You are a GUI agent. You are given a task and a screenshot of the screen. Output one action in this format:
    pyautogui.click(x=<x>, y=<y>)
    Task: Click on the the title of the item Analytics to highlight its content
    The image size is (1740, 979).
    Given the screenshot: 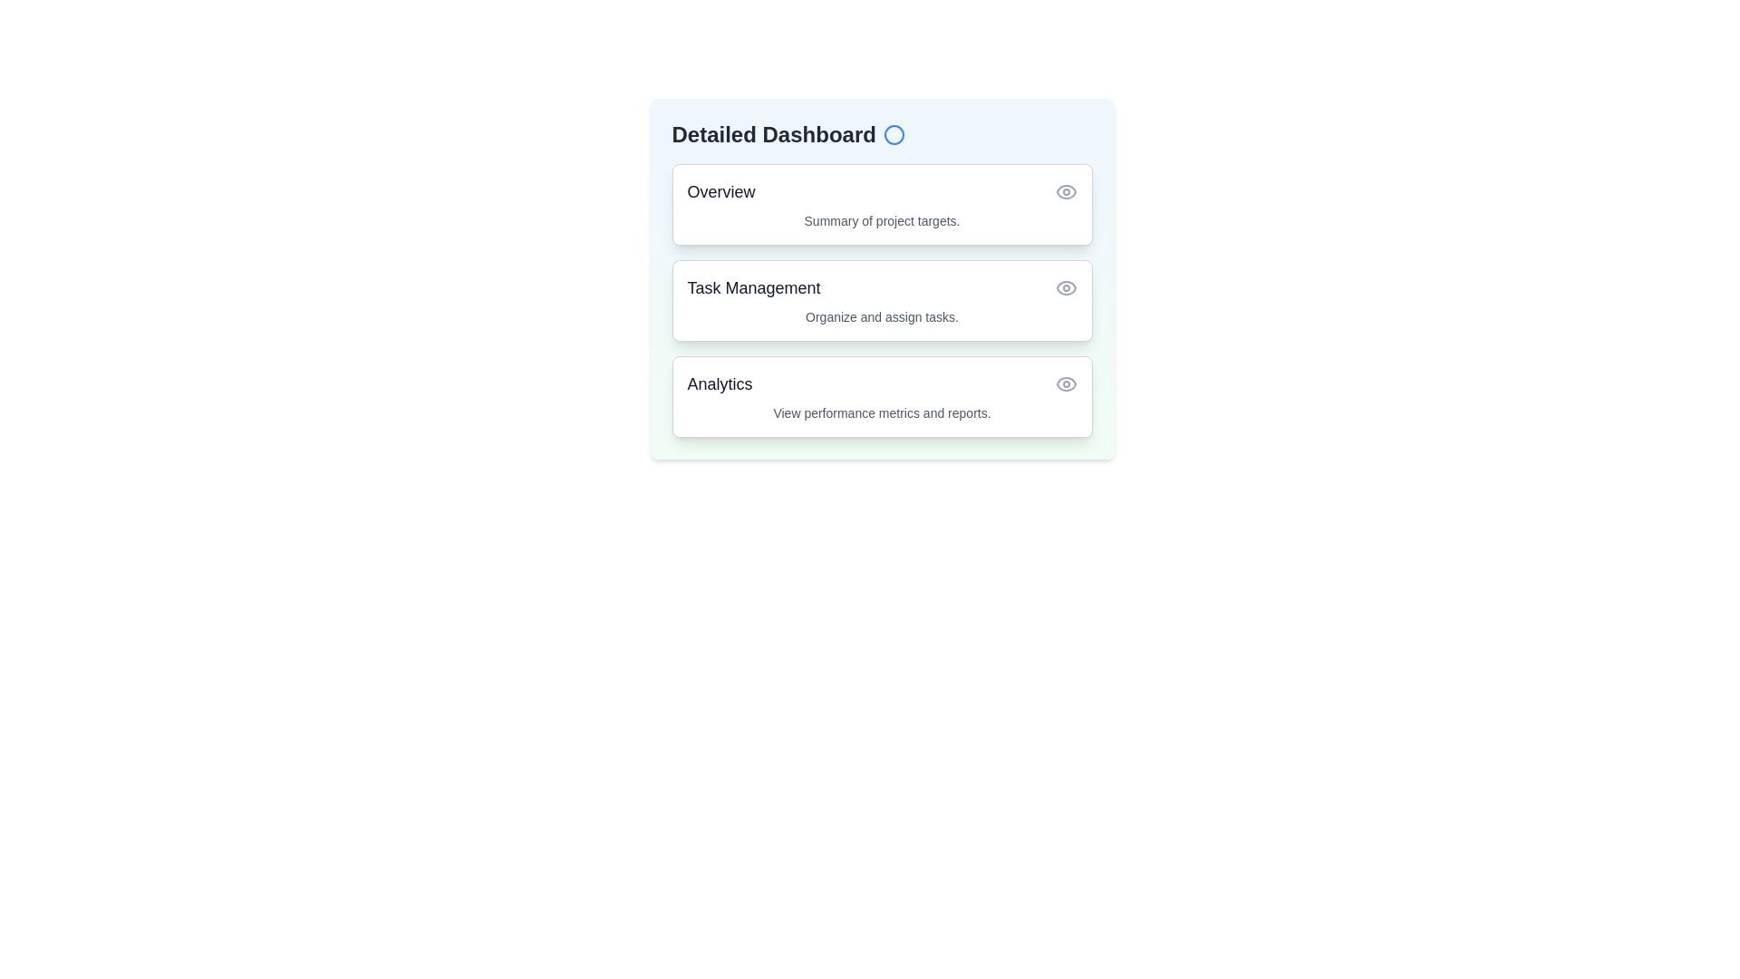 What is the action you would take?
    pyautogui.click(x=718, y=383)
    